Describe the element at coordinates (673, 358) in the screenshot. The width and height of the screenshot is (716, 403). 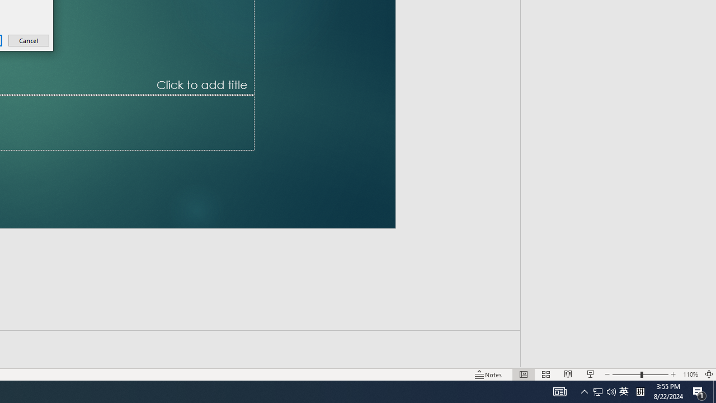
I see `'Zoom In'` at that location.